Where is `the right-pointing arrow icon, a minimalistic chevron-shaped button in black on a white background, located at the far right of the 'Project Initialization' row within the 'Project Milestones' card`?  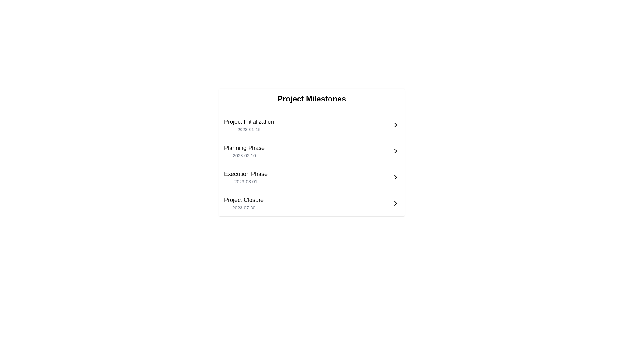 the right-pointing arrow icon, a minimalistic chevron-shaped button in black on a white background, located at the far right of the 'Project Initialization' row within the 'Project Milestones' card is located at coordinates (395, 125).